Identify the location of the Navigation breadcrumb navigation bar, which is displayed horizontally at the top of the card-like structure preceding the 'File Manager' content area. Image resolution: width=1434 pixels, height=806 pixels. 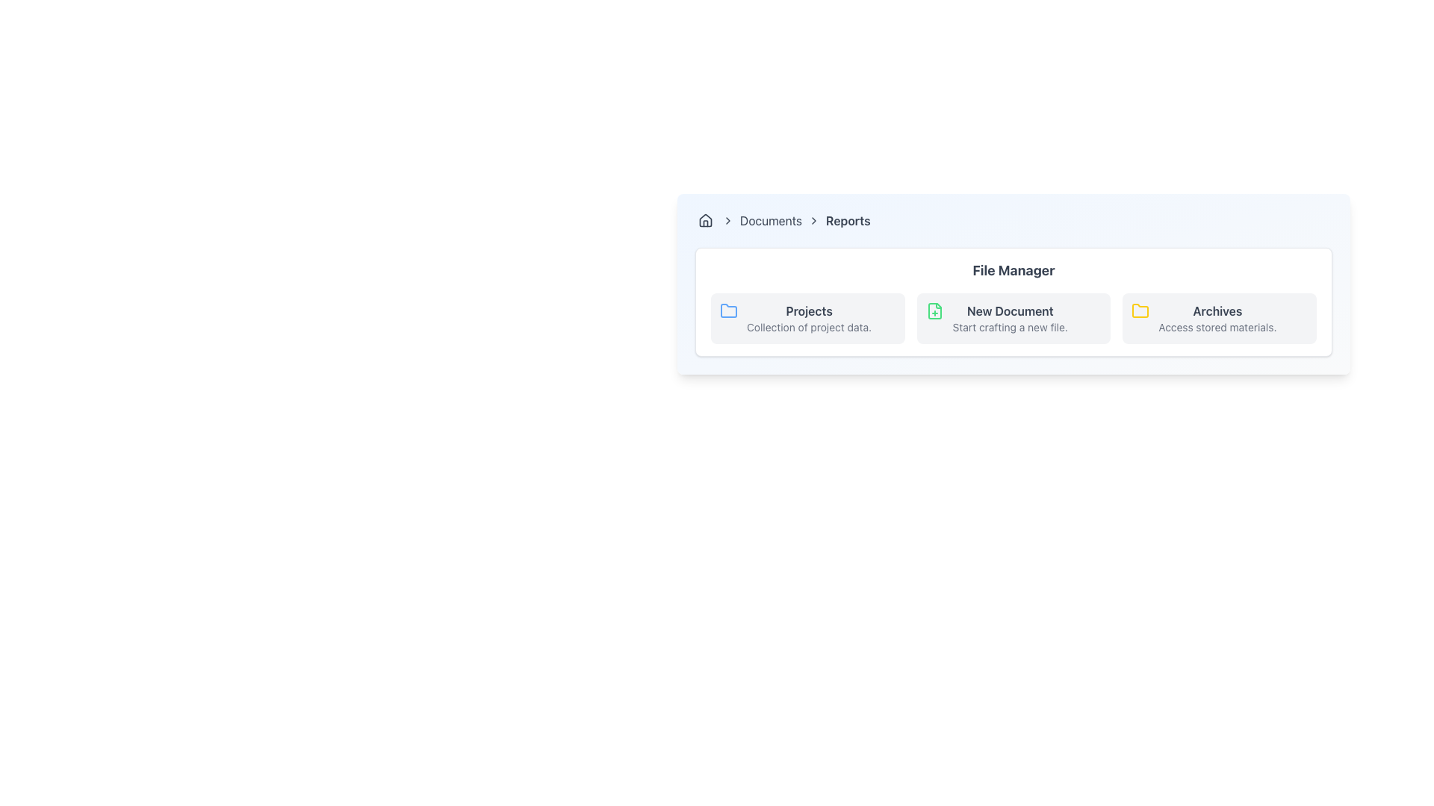
(1014, 221).